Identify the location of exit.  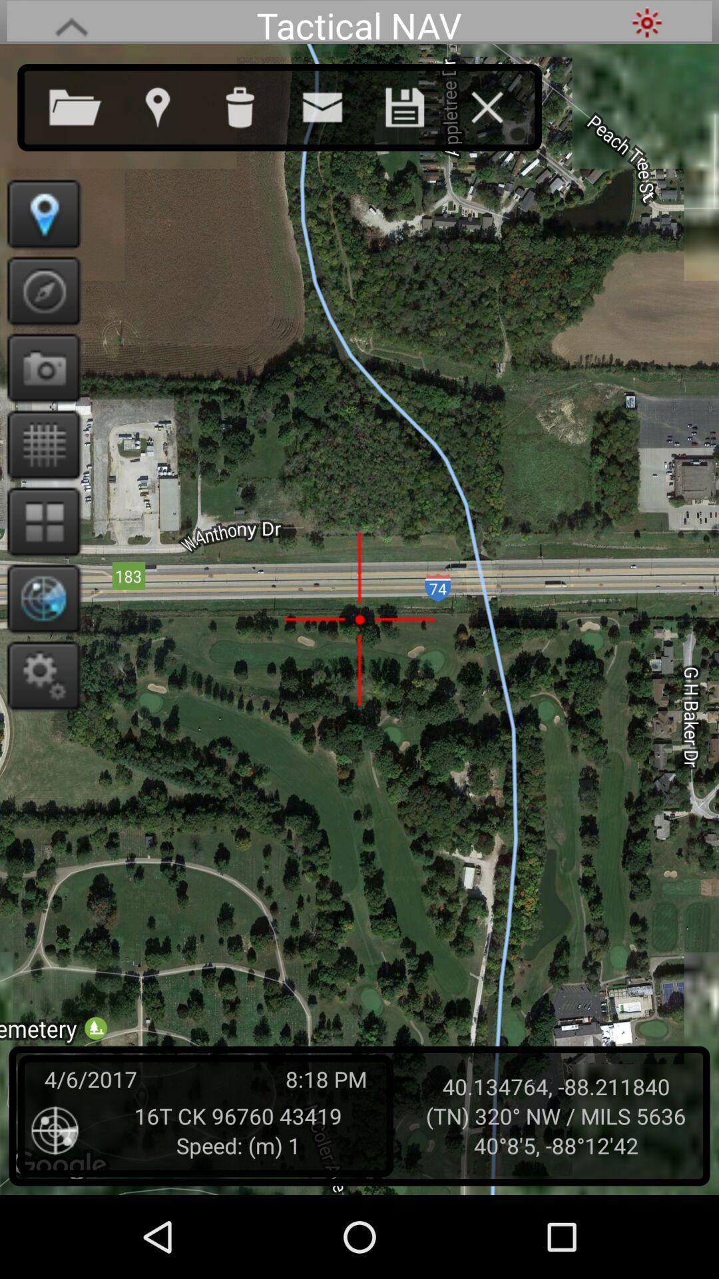
(500, 104).